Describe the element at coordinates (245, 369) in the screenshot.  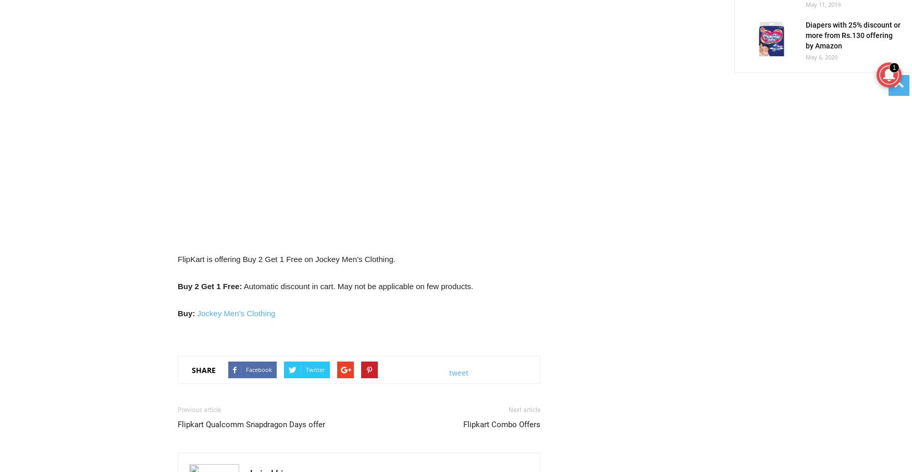
I see `'Facebook'` at that location.